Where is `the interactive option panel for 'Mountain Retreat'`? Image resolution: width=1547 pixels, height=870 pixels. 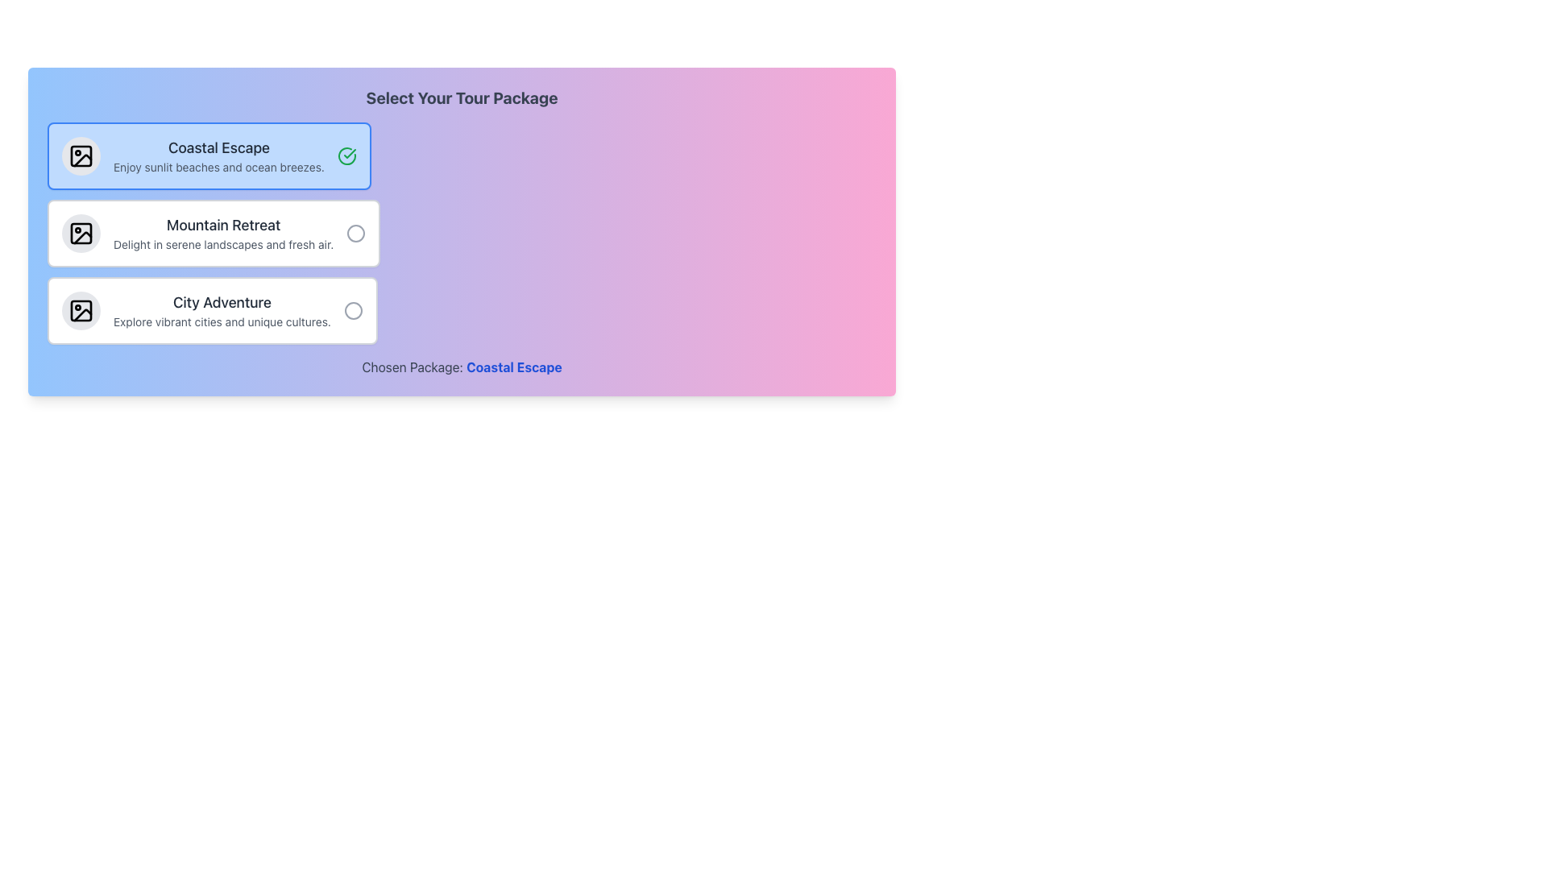 the interactive option panel for 'Mountain Retreat' is located at coordinates (213, 233).